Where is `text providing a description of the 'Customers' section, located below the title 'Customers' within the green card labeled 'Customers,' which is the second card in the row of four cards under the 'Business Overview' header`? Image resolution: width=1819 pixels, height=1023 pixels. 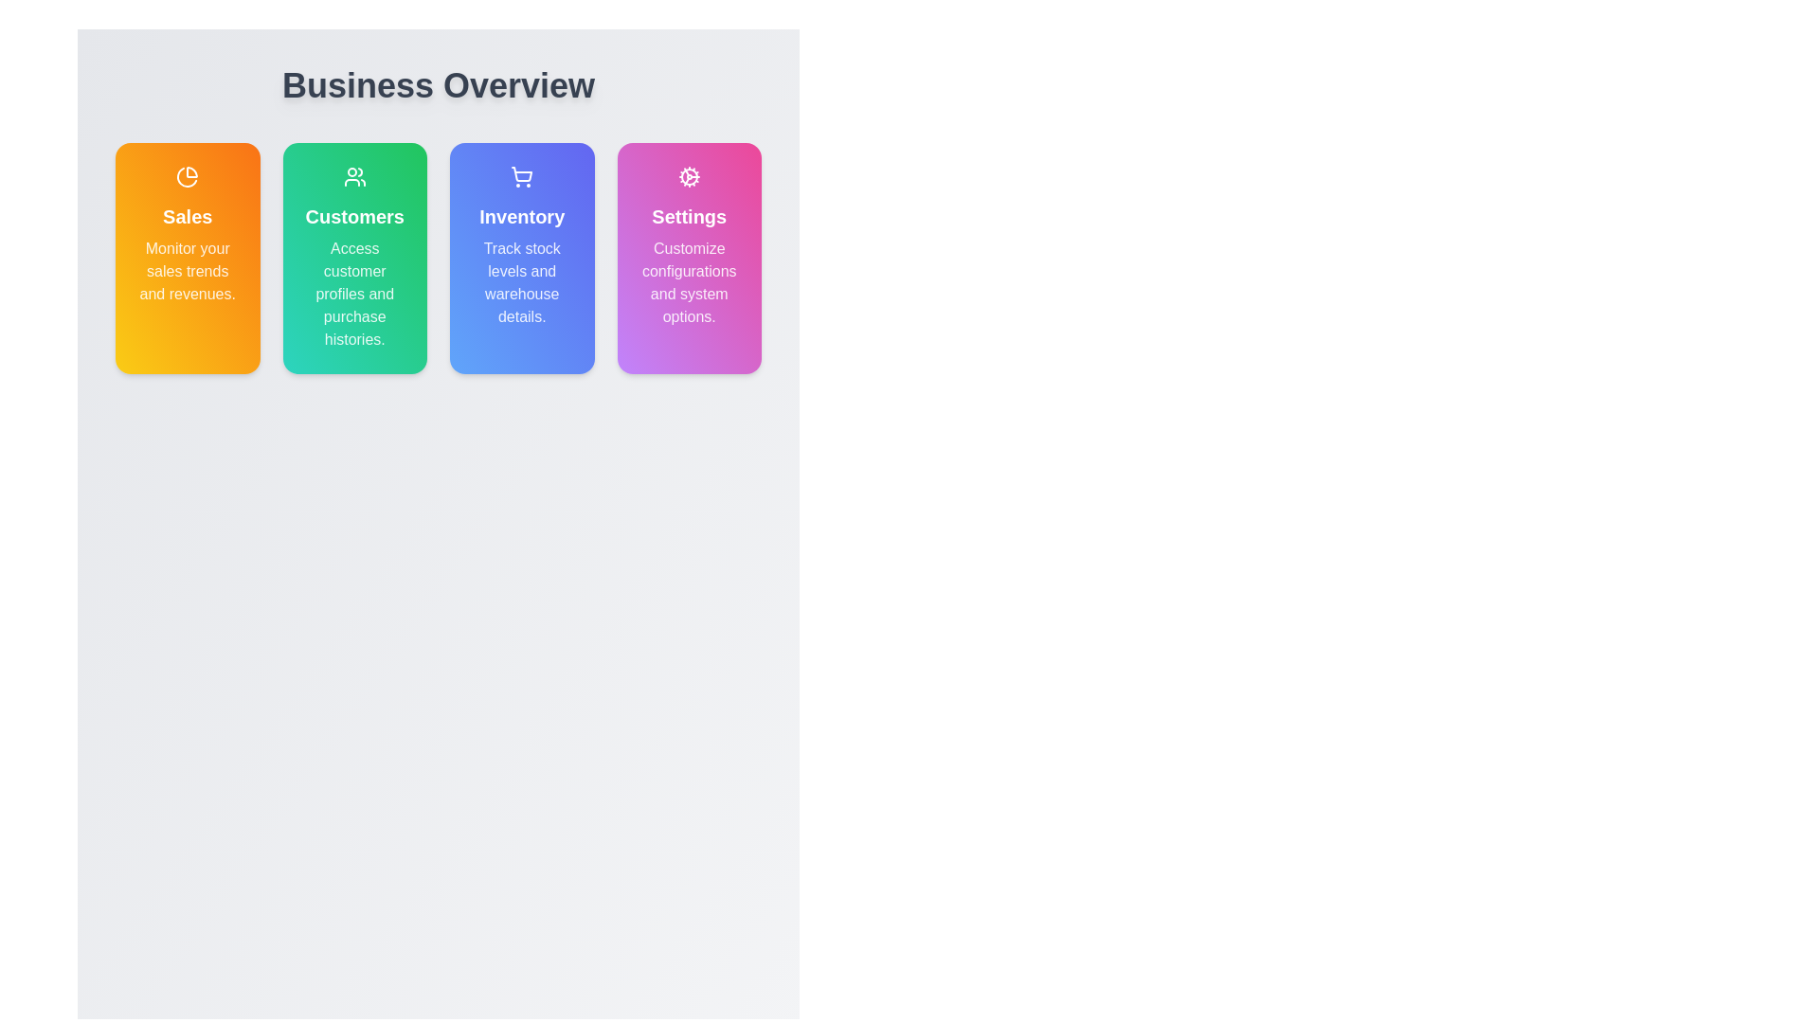 text providing a description of the 'Customers' section, located below the title 'Customers' within the green card labeled 'Customers,' which is the second card in the row of four cards under the 'Business Overview' header is located at coordinates (354, 295).